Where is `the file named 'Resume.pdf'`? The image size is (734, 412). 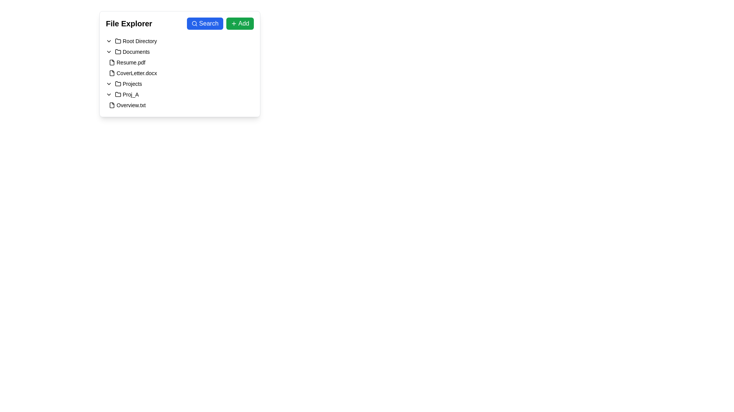 the file named 'Resume.pdf' is located at coordinates (127, 62).